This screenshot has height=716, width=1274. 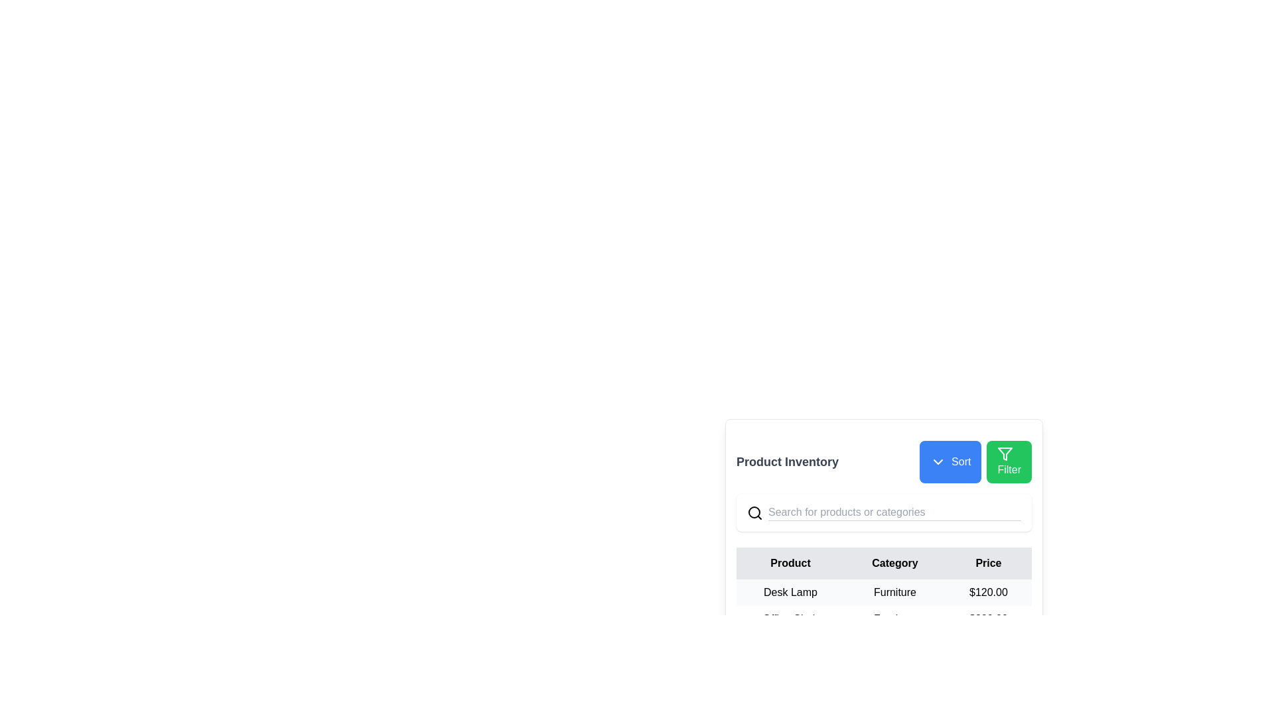 What do you see at coordinates (884, 592) in the screenshot?
I see `the first table row containing product information, which includes the name 'Desk Lamp', category 'Furniture', and price '$120.00'` at bounding box center [884, 592].